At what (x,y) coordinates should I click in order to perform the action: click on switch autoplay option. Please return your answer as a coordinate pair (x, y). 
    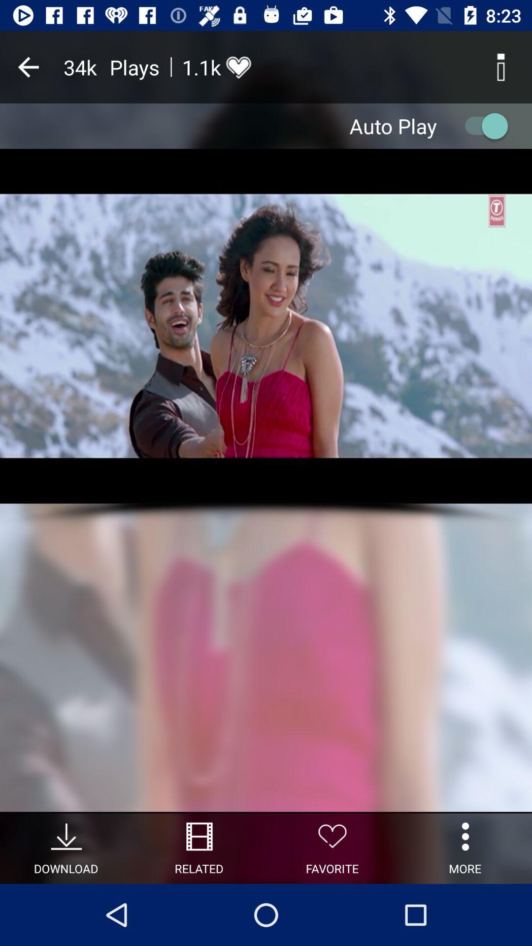
    Looking at the image, I should click on (481, 125).